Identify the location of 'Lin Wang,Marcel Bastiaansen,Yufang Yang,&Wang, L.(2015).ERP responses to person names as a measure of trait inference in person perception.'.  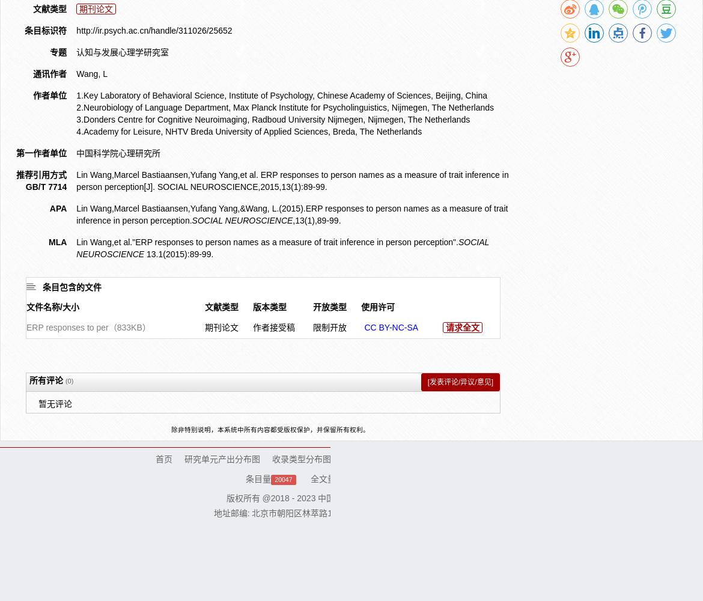
(292, 213).